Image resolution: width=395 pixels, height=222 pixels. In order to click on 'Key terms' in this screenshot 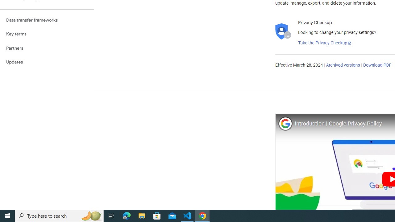, I will do `click(47, 34)`.